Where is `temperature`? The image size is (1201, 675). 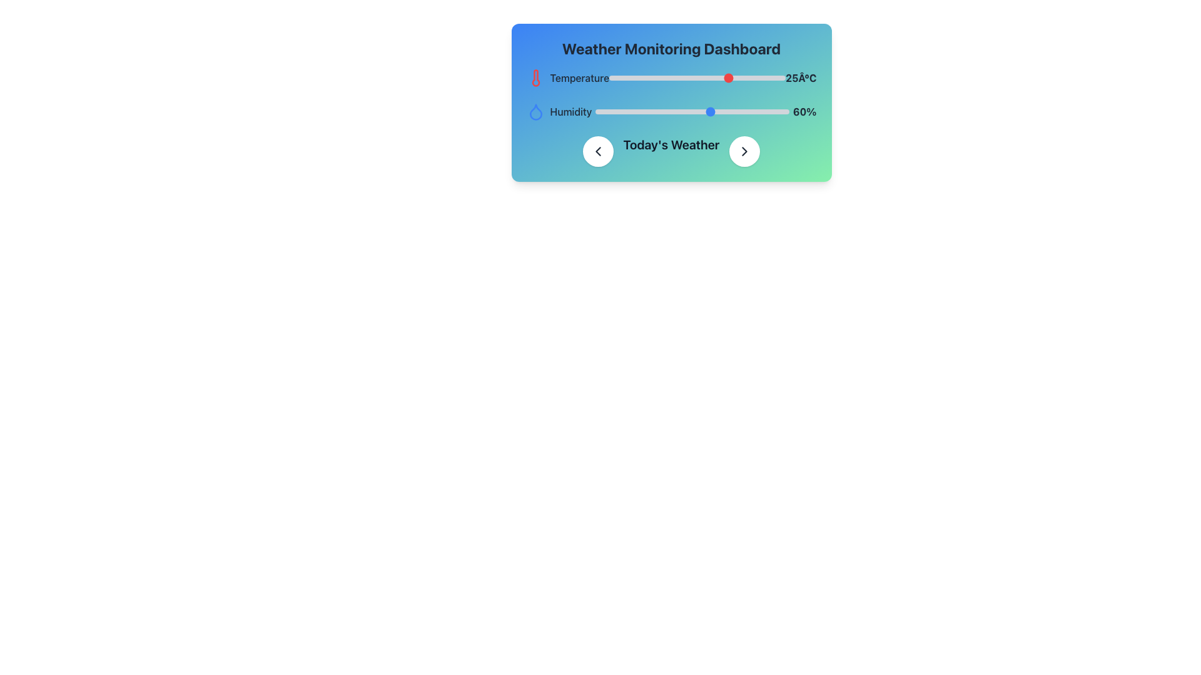 temperature is located at coordinates (739, 77).